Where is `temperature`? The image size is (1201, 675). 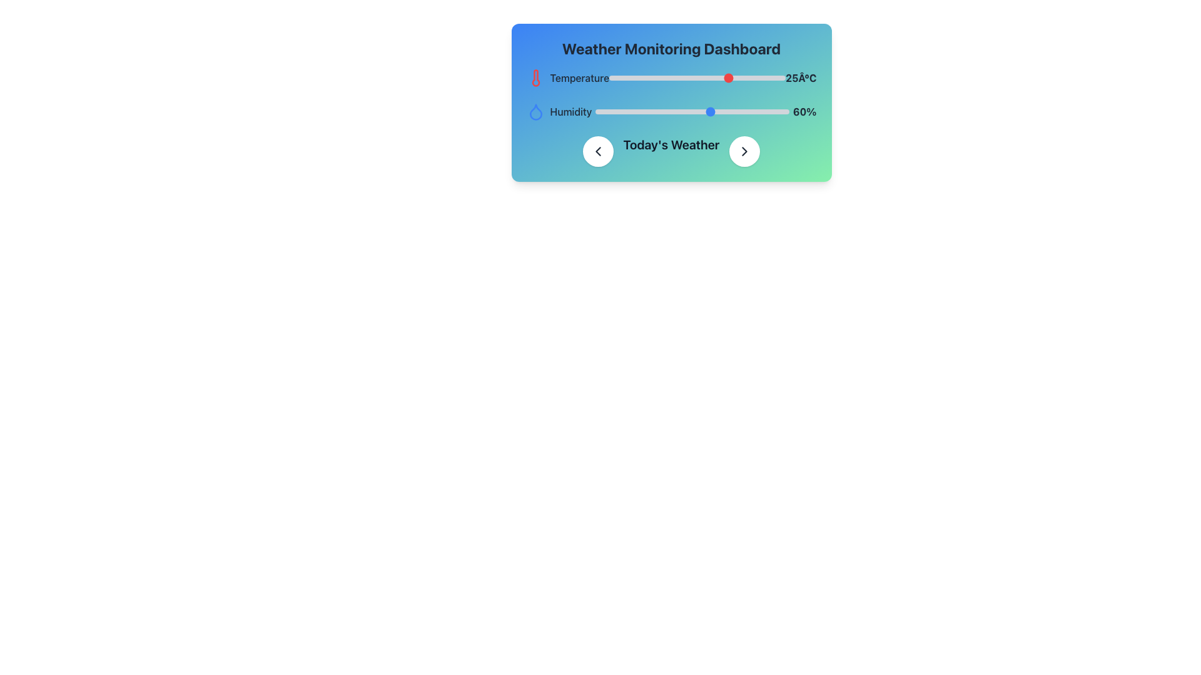 temperature is located at coordinates (739, 77).